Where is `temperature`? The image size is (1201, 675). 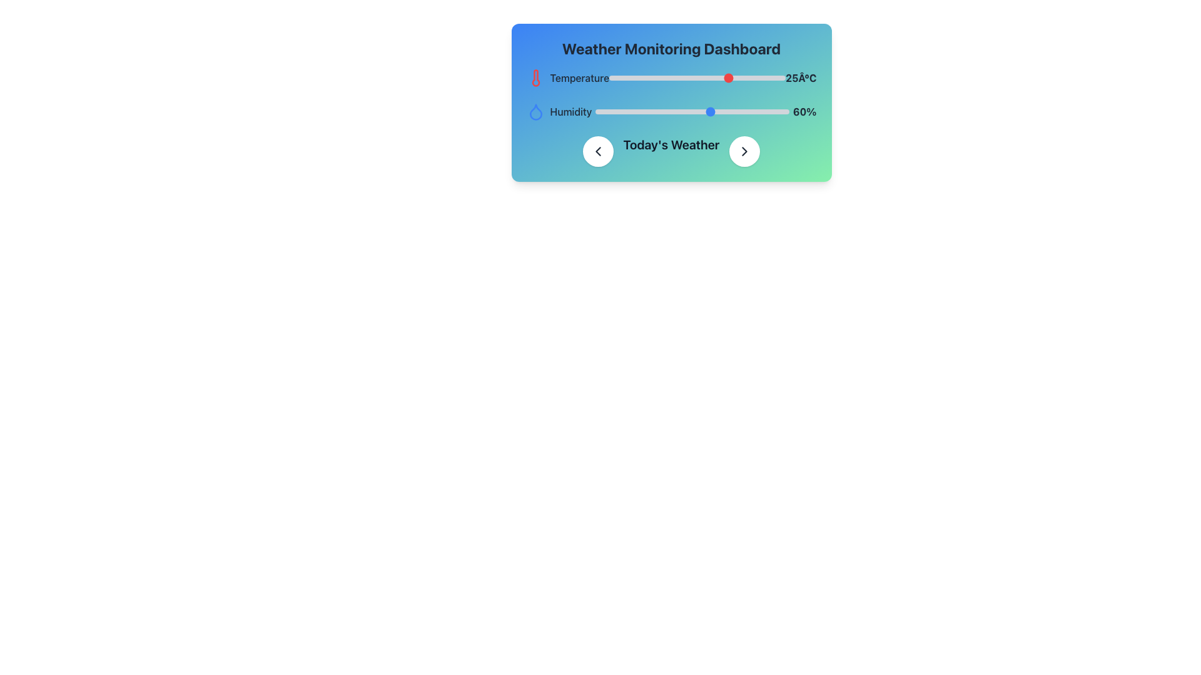 temperature is located at coordinates (739, 77).